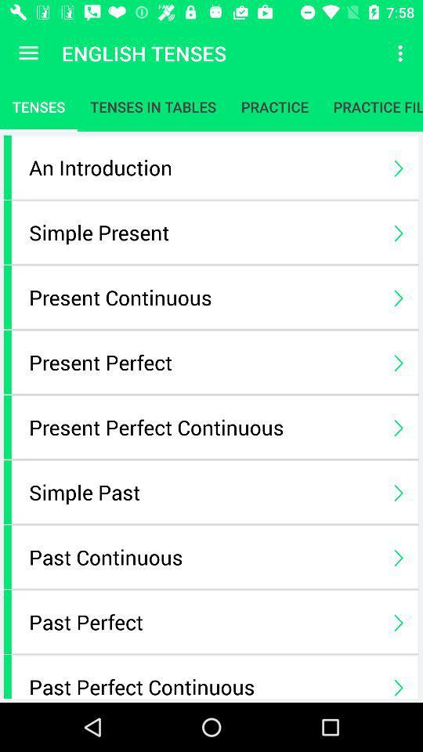 This screenshot has width=423, height=752. What do you see at coordinates (203, 167) in the screenshot?
I see `icon below the tenses icon` at bounding box center [203, 167].